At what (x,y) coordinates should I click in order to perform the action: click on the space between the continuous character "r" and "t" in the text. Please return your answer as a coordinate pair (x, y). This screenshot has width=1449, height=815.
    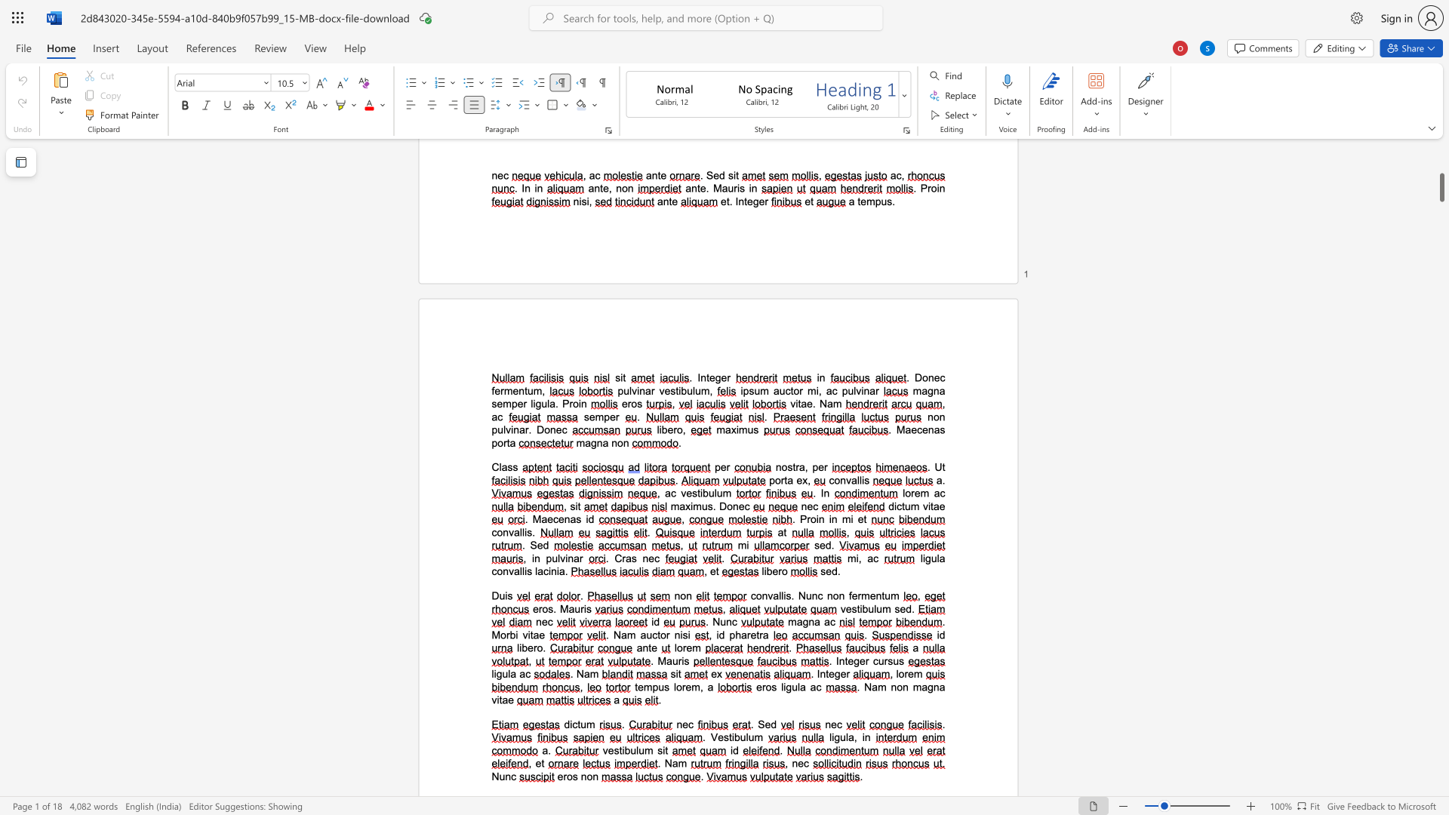
    Looking at the image, I should click on (784, 480).